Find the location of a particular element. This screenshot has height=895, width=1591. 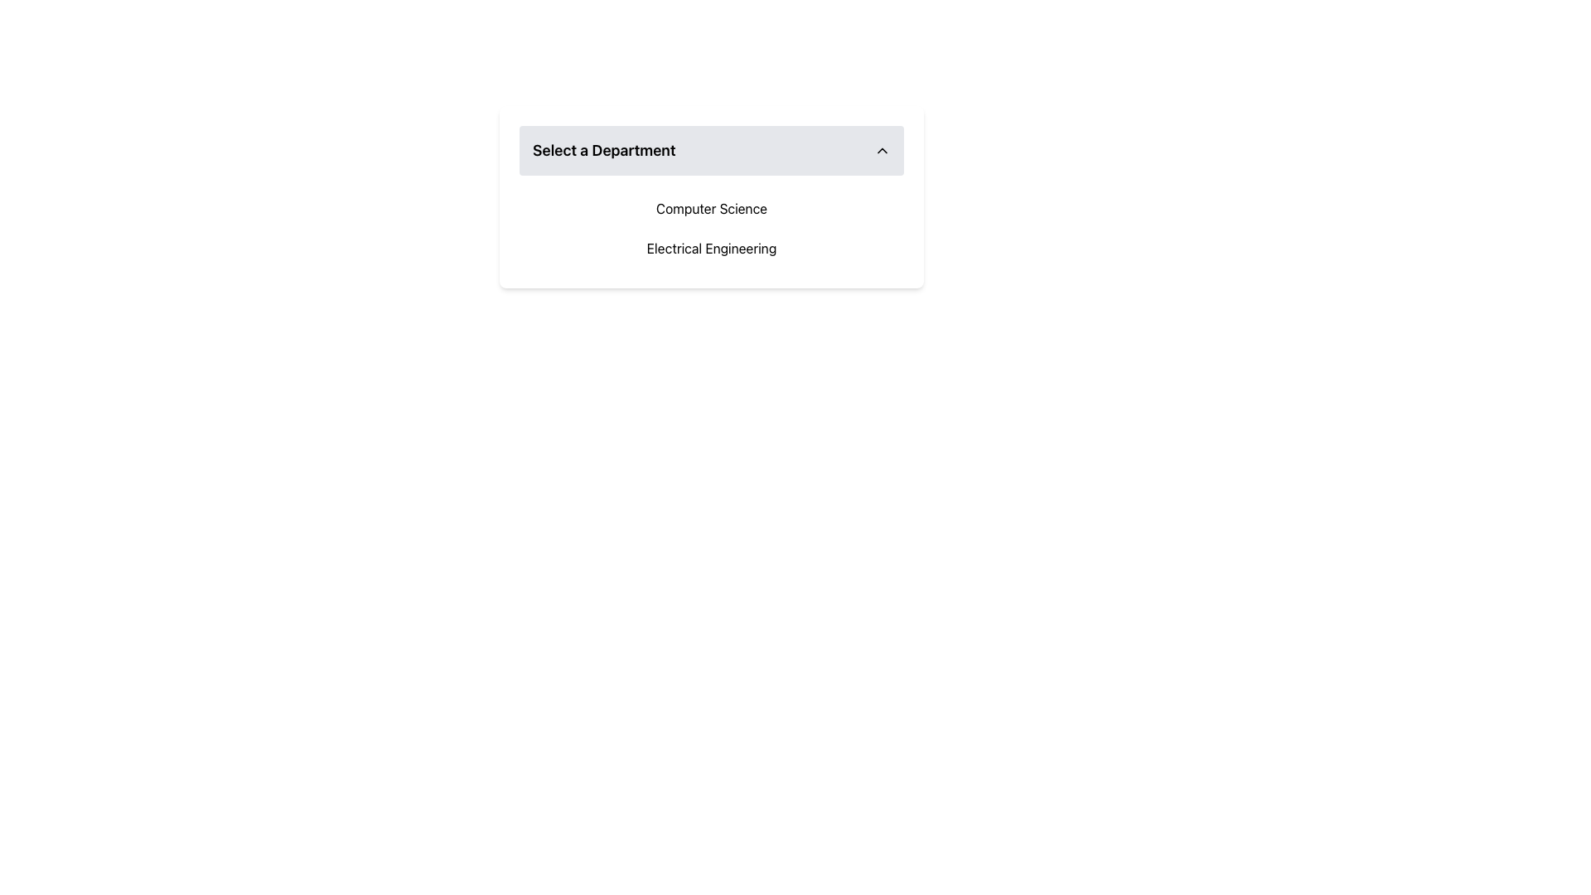

the Dropdown selector labeled 'Select a Department' is located at coordinates (712, 150).